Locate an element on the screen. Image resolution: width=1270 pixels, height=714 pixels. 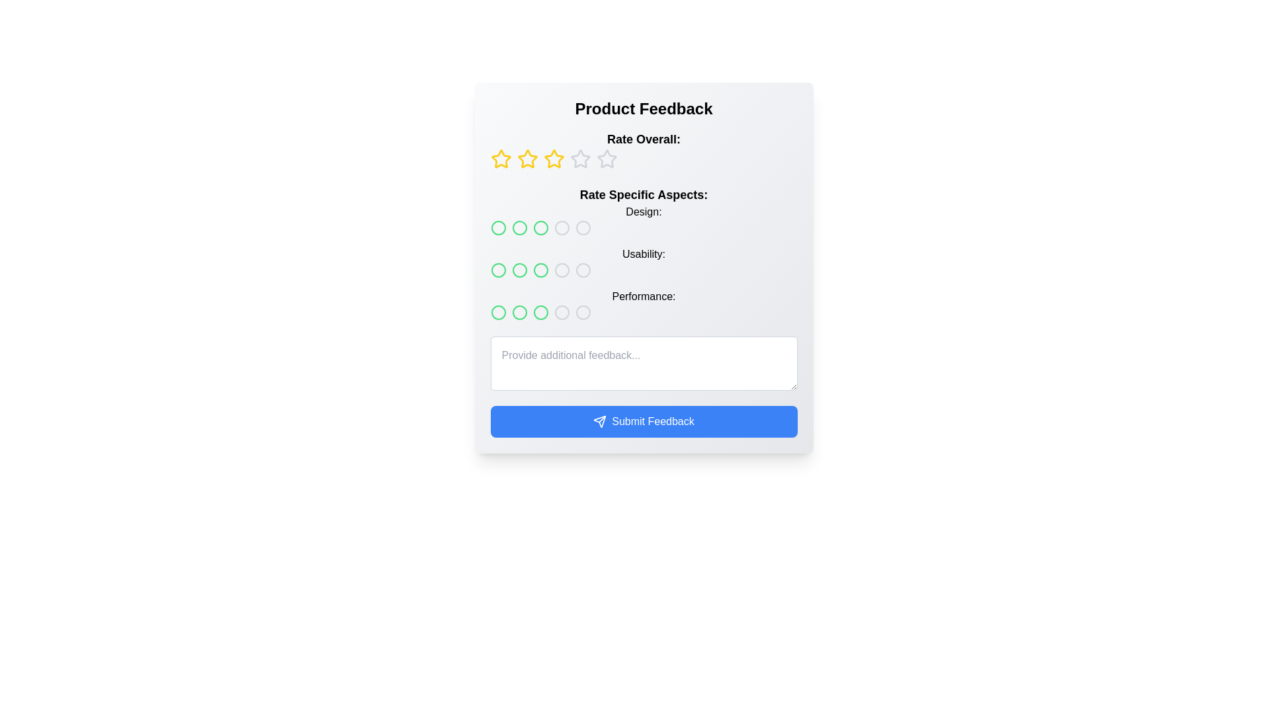
the 'Submit Feedback' button which contains the SVG Icon representing the action of sending or submitting is located at coordinates (599, 421).